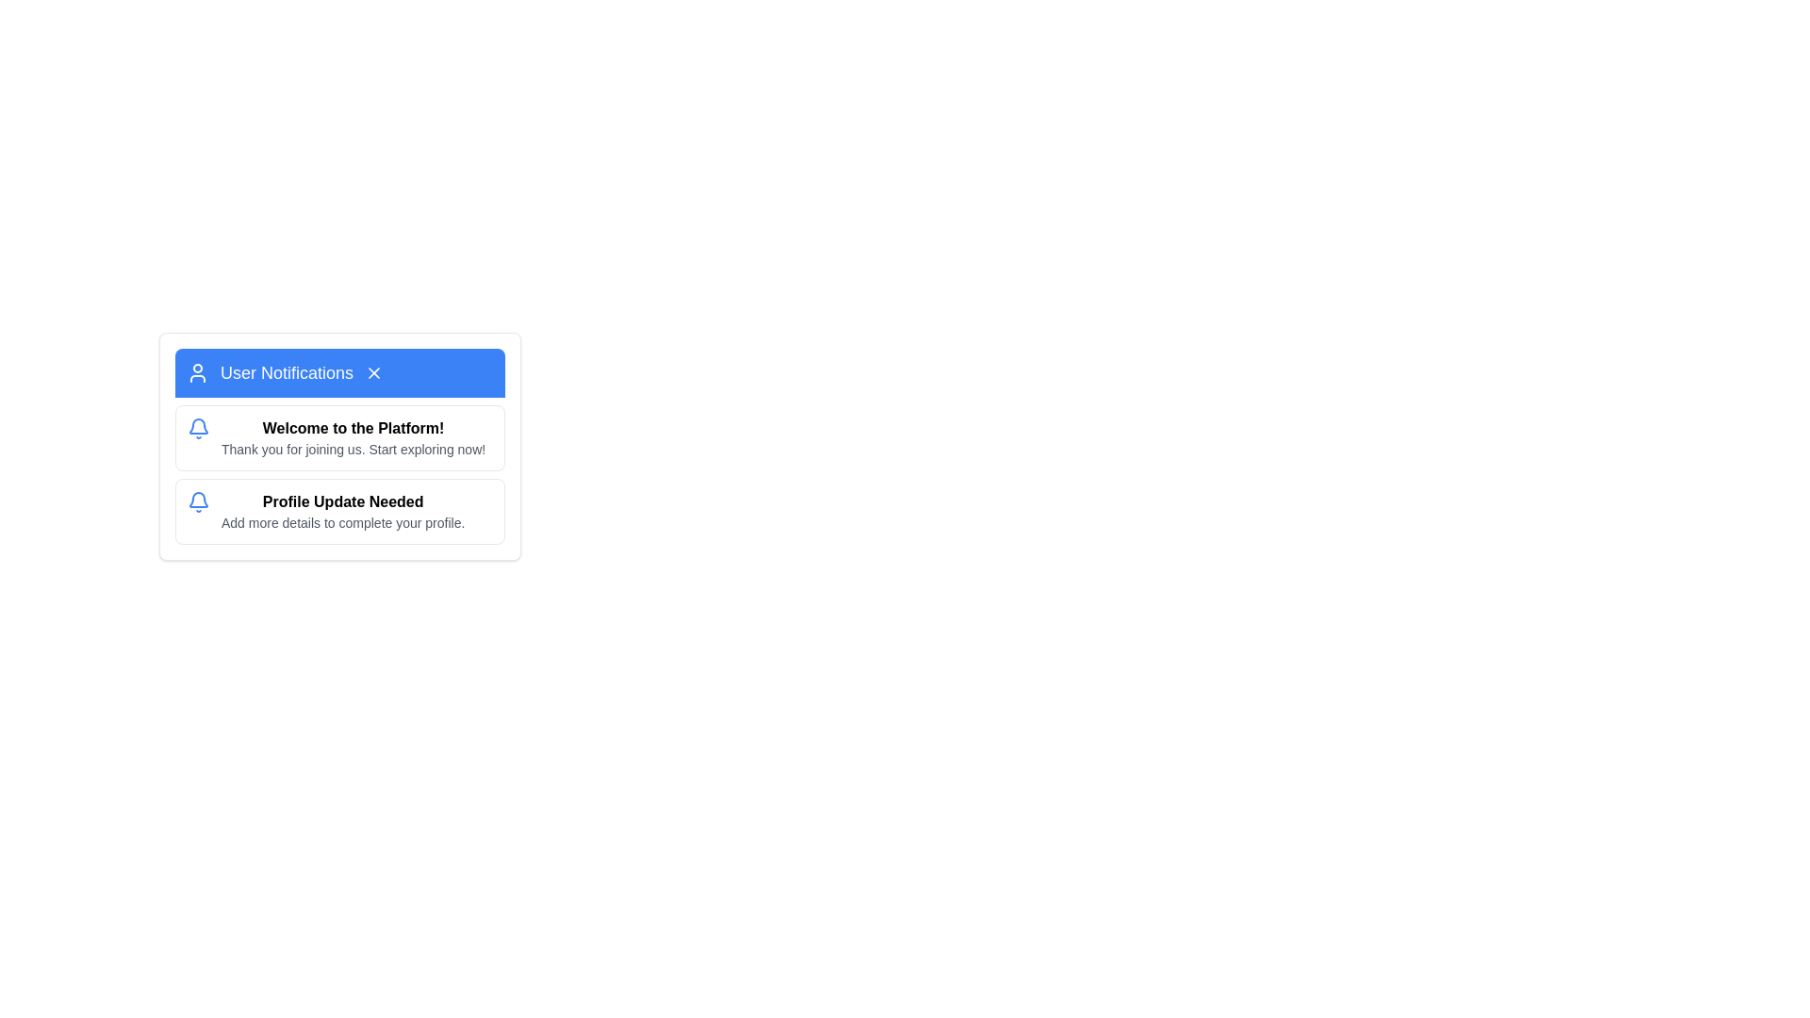  Describe the element at coordinates (199, 429) in the screenshot. I see `the blue bell icon located at the top-left of the 'Welcome to the Platform!' card, which indicates notifications` at that location.